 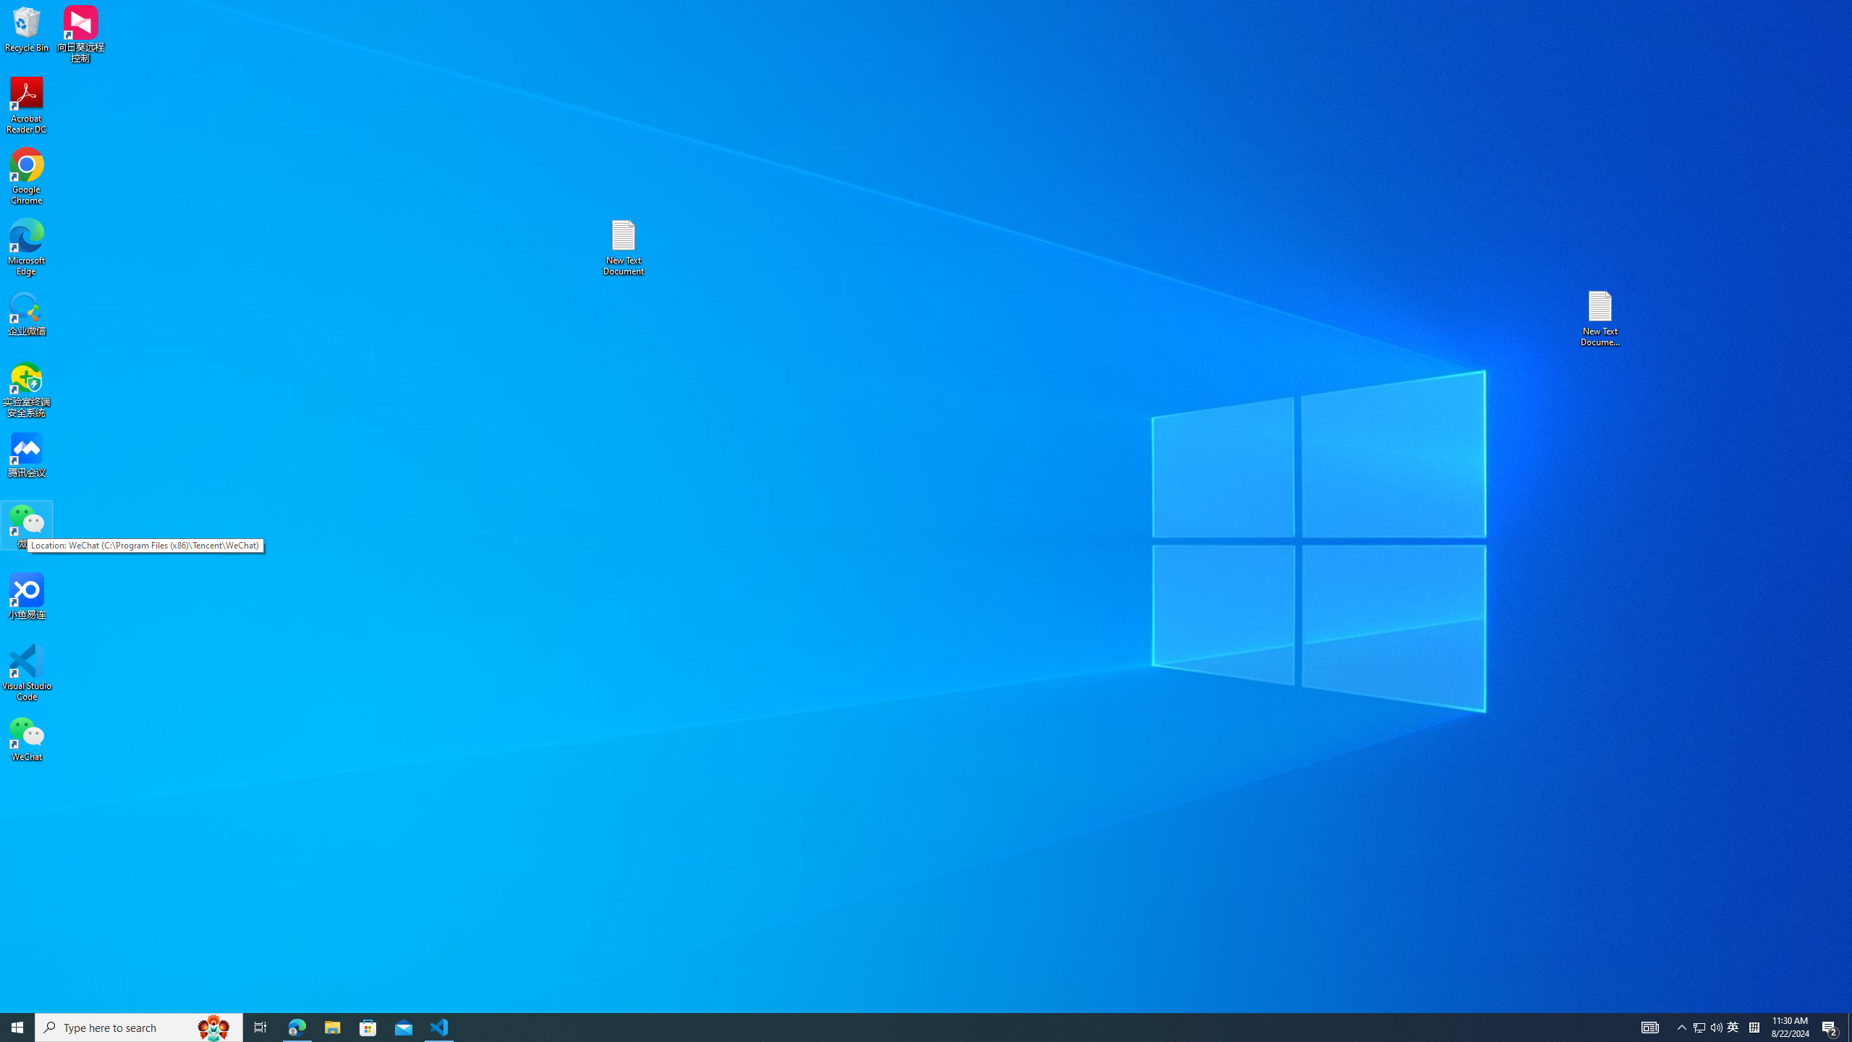 I want to click on 'Type here to search', so click(x=138, y=1026).